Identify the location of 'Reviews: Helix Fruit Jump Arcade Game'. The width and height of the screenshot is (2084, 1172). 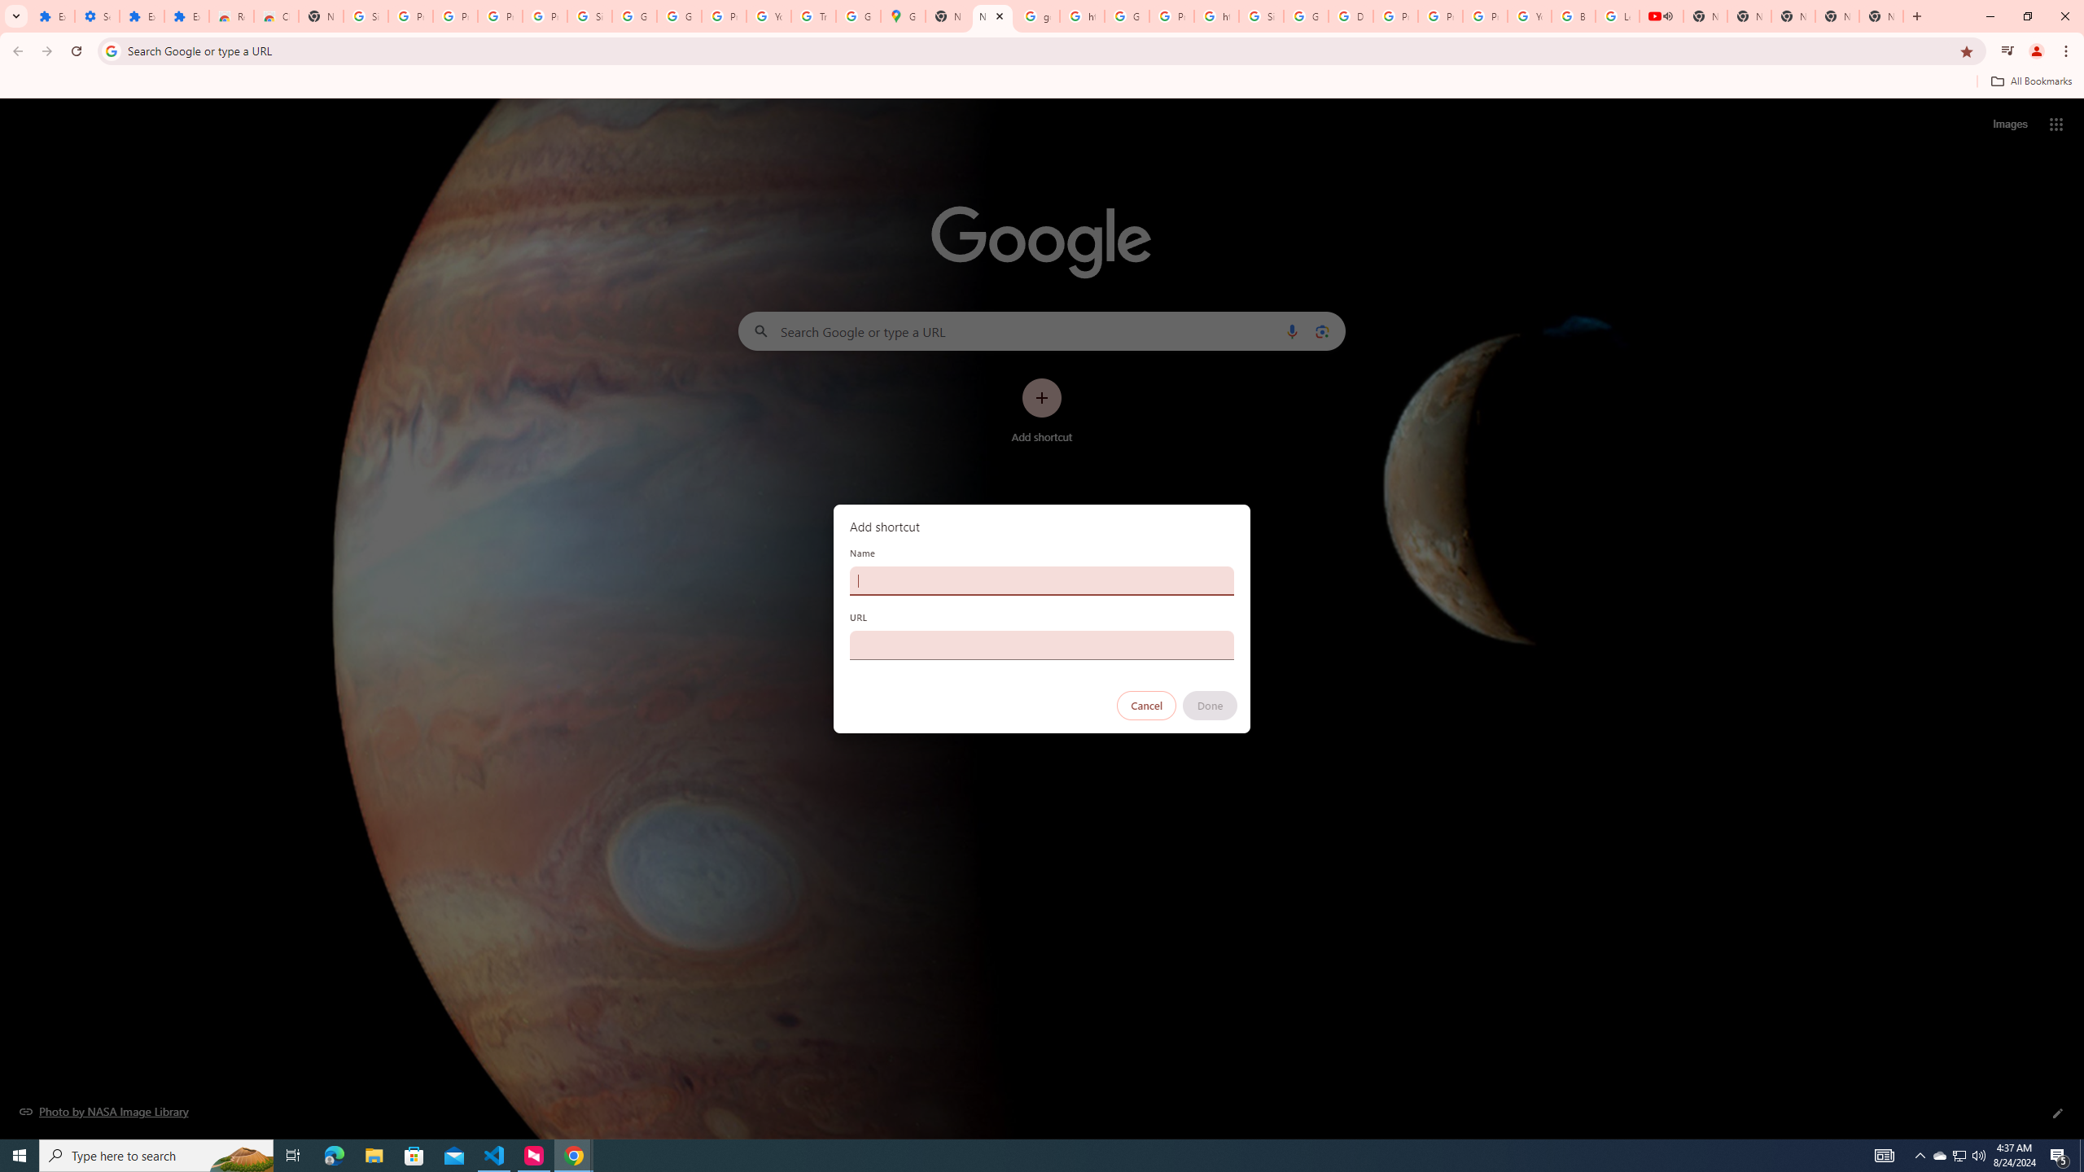
(231, 15).